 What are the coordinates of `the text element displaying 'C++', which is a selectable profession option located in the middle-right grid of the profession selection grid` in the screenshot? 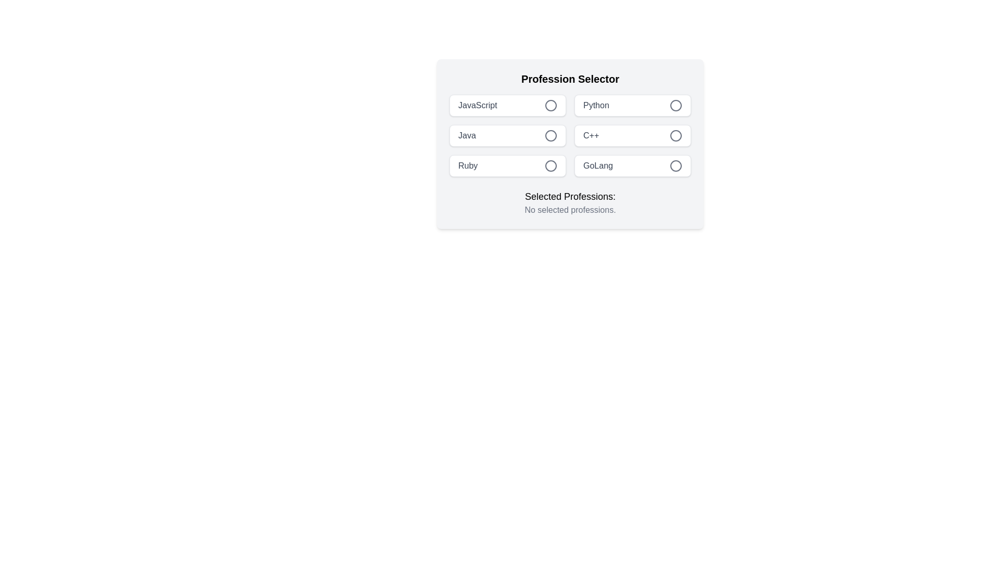 It's located at (591, 135).